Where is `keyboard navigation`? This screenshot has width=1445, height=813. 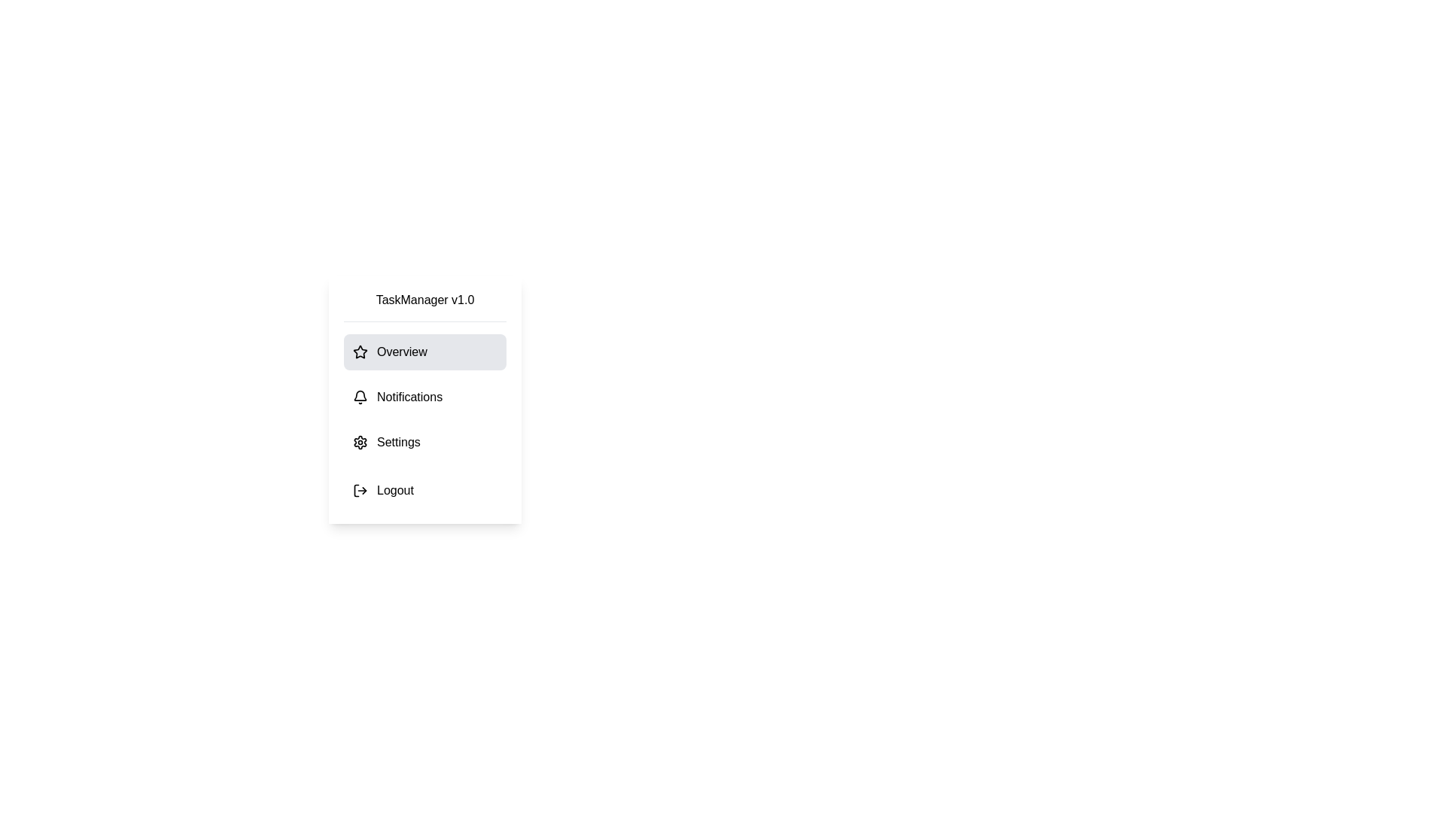
keyboard navigation is located at coordinates (424, 397).